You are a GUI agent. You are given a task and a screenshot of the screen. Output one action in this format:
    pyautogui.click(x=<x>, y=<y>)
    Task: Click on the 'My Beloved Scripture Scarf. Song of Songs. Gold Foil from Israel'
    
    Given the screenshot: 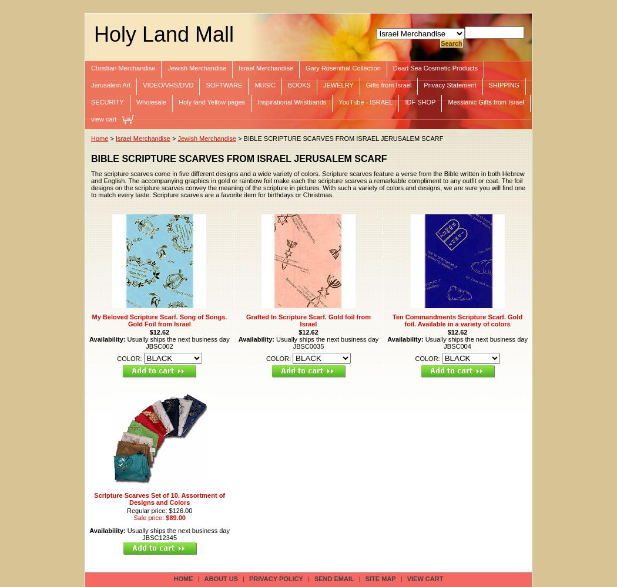 What is the action you would take?
    pyautogui.click(x=159, y=320)
    